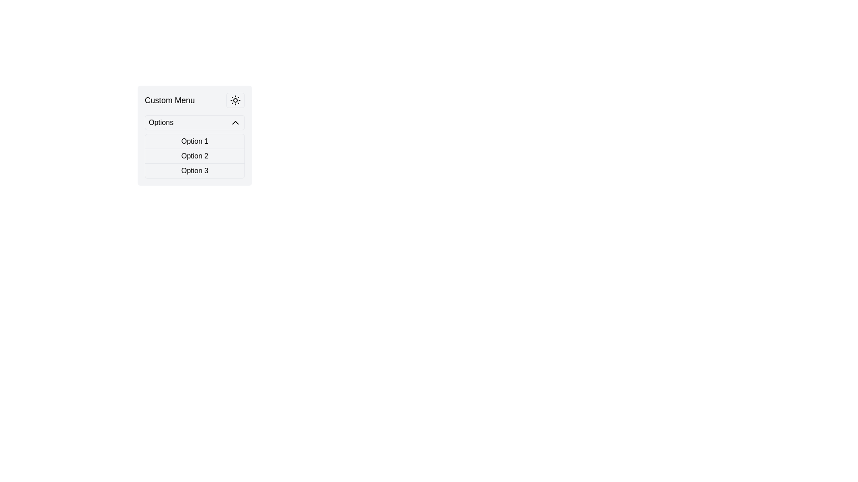 This screenshot has height=482, width=858. What do you see at coordinates (236, 122) in the screenshot?
I see `the Chevron Up icon located within the Options section to potentially reveal a tooltip` at bounding box center [236, 122].